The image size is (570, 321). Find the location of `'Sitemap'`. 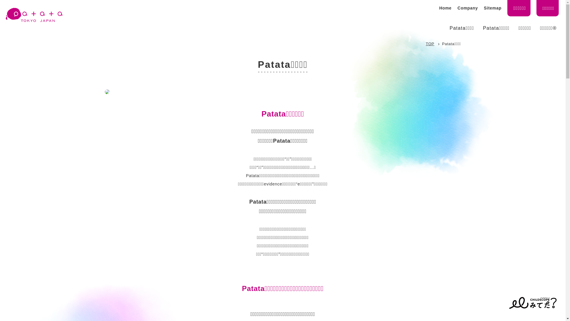

'Sitemap' is located at coordinates (493, 8).